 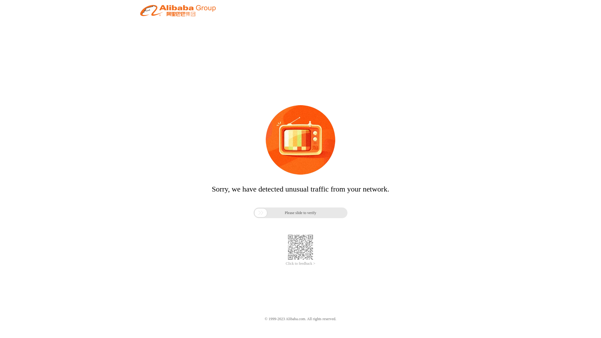 I want to click on 'Click to feedback >', so click(x=300, y=264).